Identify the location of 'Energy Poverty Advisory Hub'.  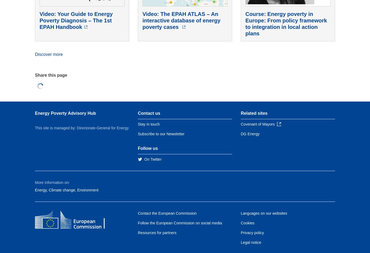
(65, 113).